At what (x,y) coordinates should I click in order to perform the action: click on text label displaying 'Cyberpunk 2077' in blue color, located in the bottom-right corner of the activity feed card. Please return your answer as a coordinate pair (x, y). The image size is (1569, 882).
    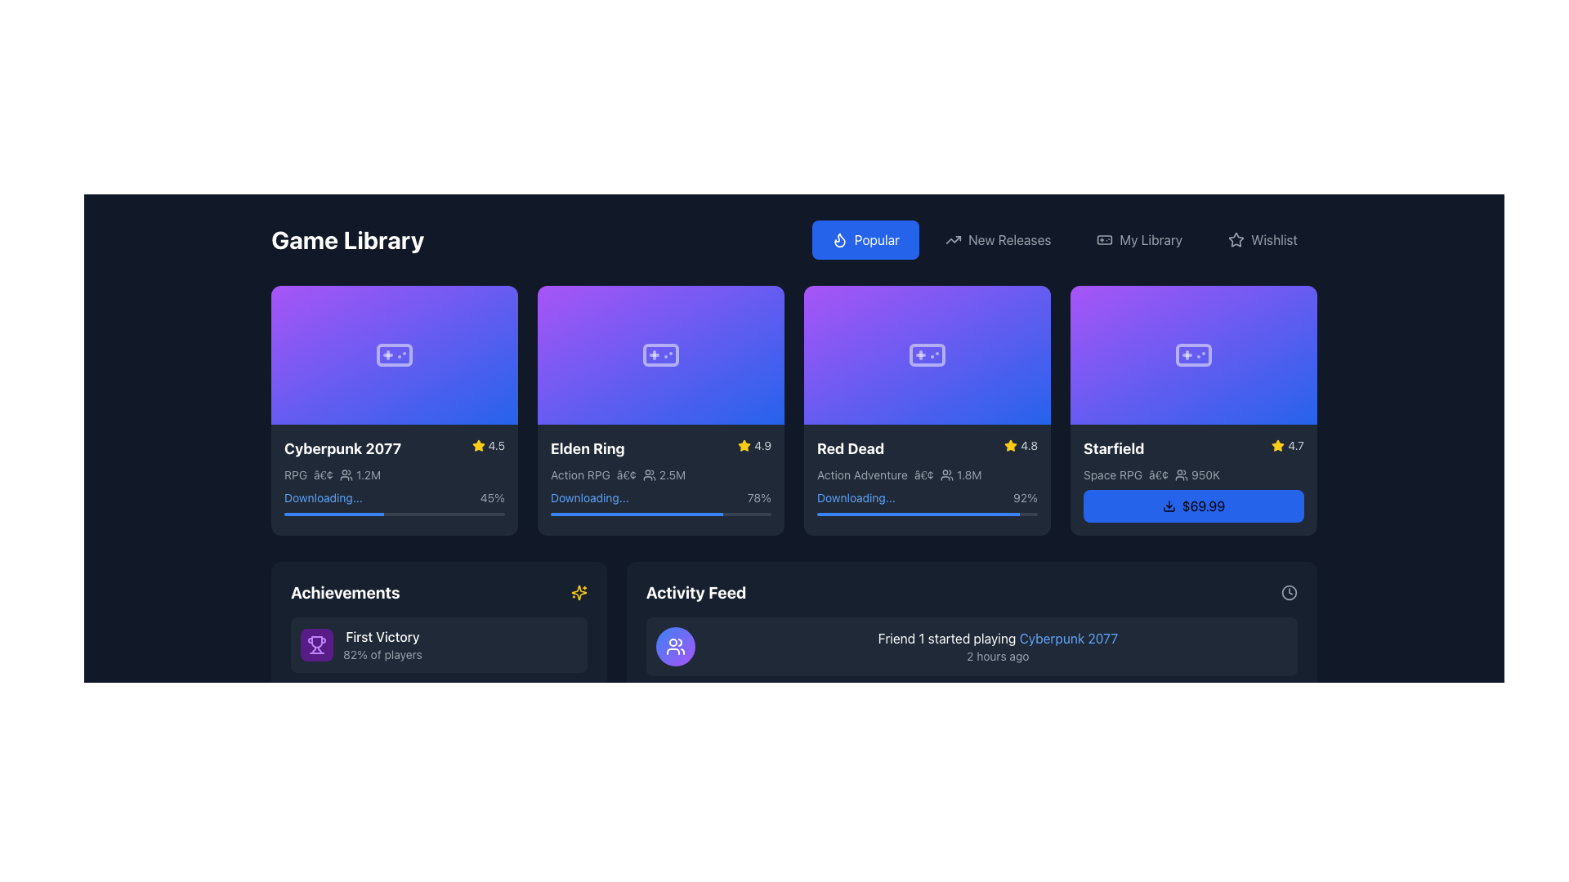
    Looking at the image, I should click on (1068, 637).